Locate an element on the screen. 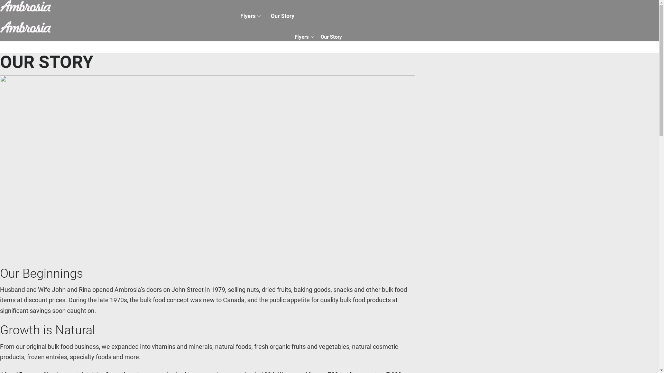 The height and width of the screenshot is (373, 664). 'Flyersarrow-down' is located at coordinates (238, 16).